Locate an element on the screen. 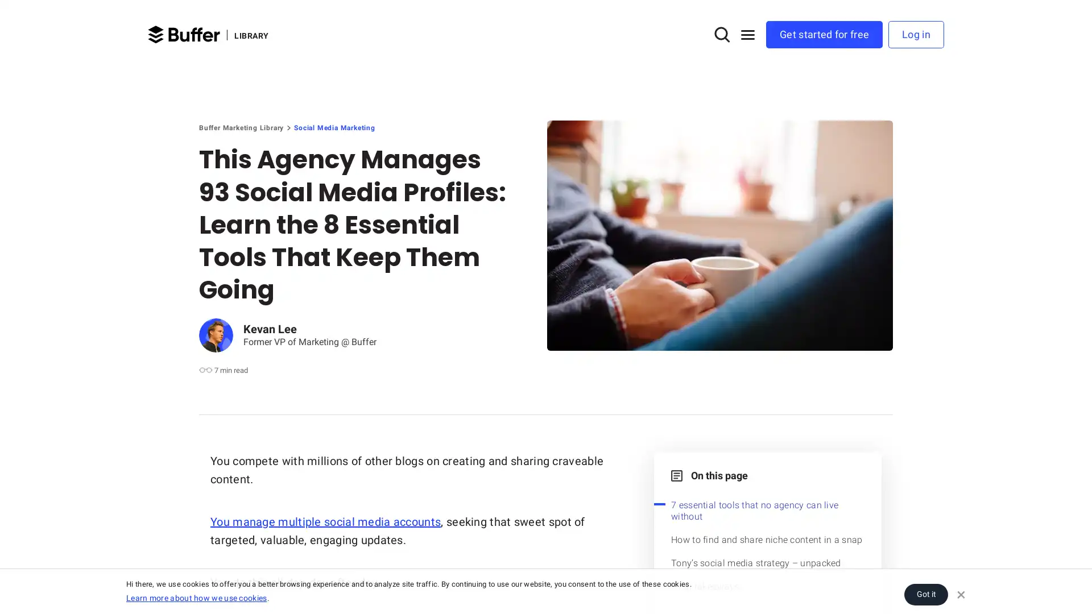  Search is located at coordinates (718, 34).